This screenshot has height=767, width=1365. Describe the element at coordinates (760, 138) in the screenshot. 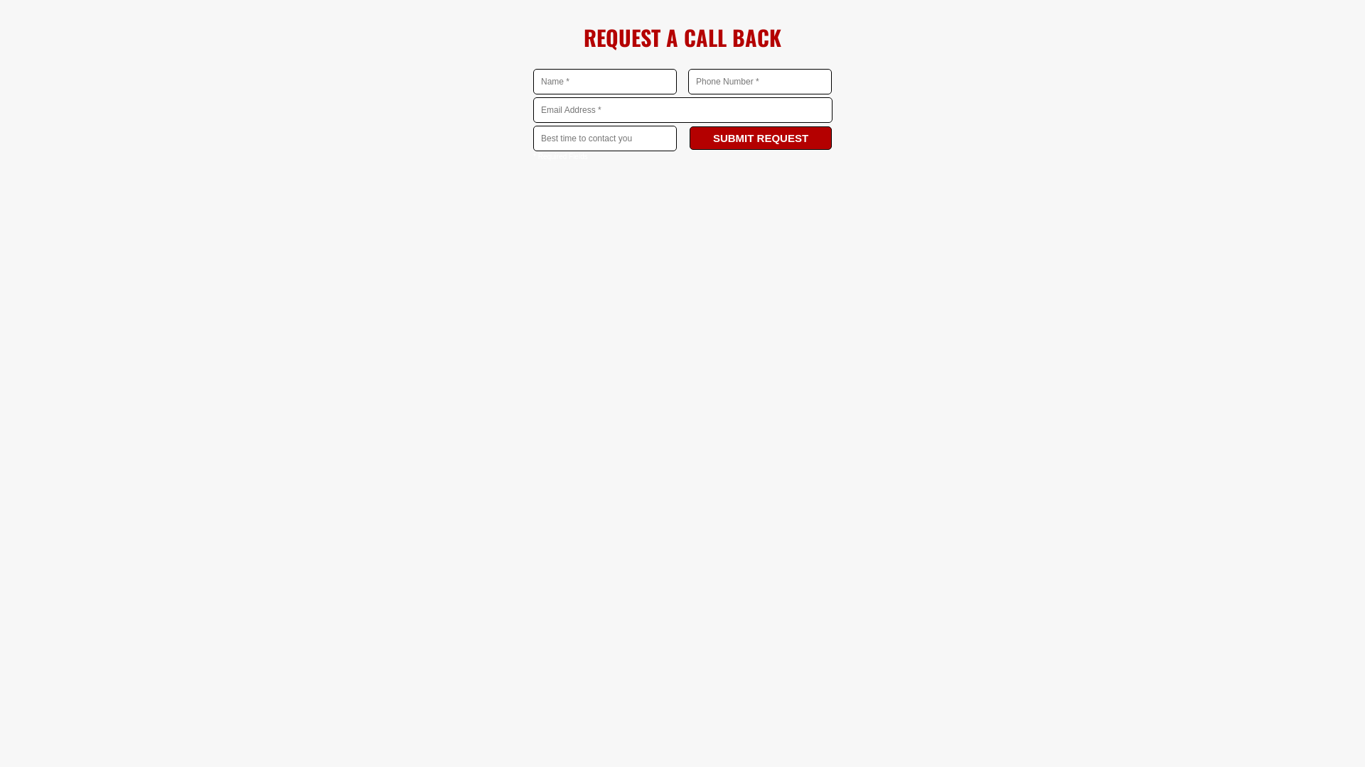

I see `'Submit Request'` at that location.